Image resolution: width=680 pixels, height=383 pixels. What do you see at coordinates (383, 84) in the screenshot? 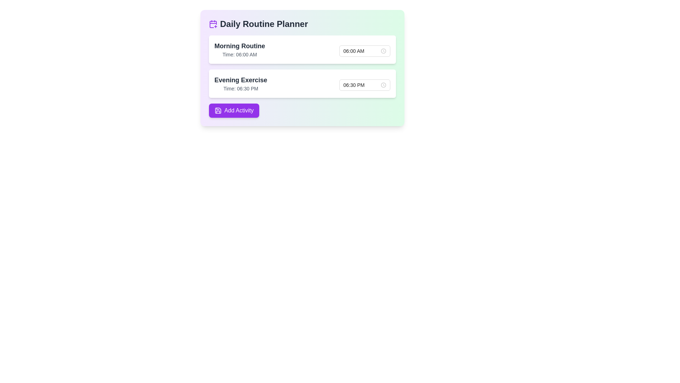
I see `the clock icon indicating the time selection feature adjacent to the '06:30 PM' entry for 'Evening Exercise'` at bounding box center [383, 84].